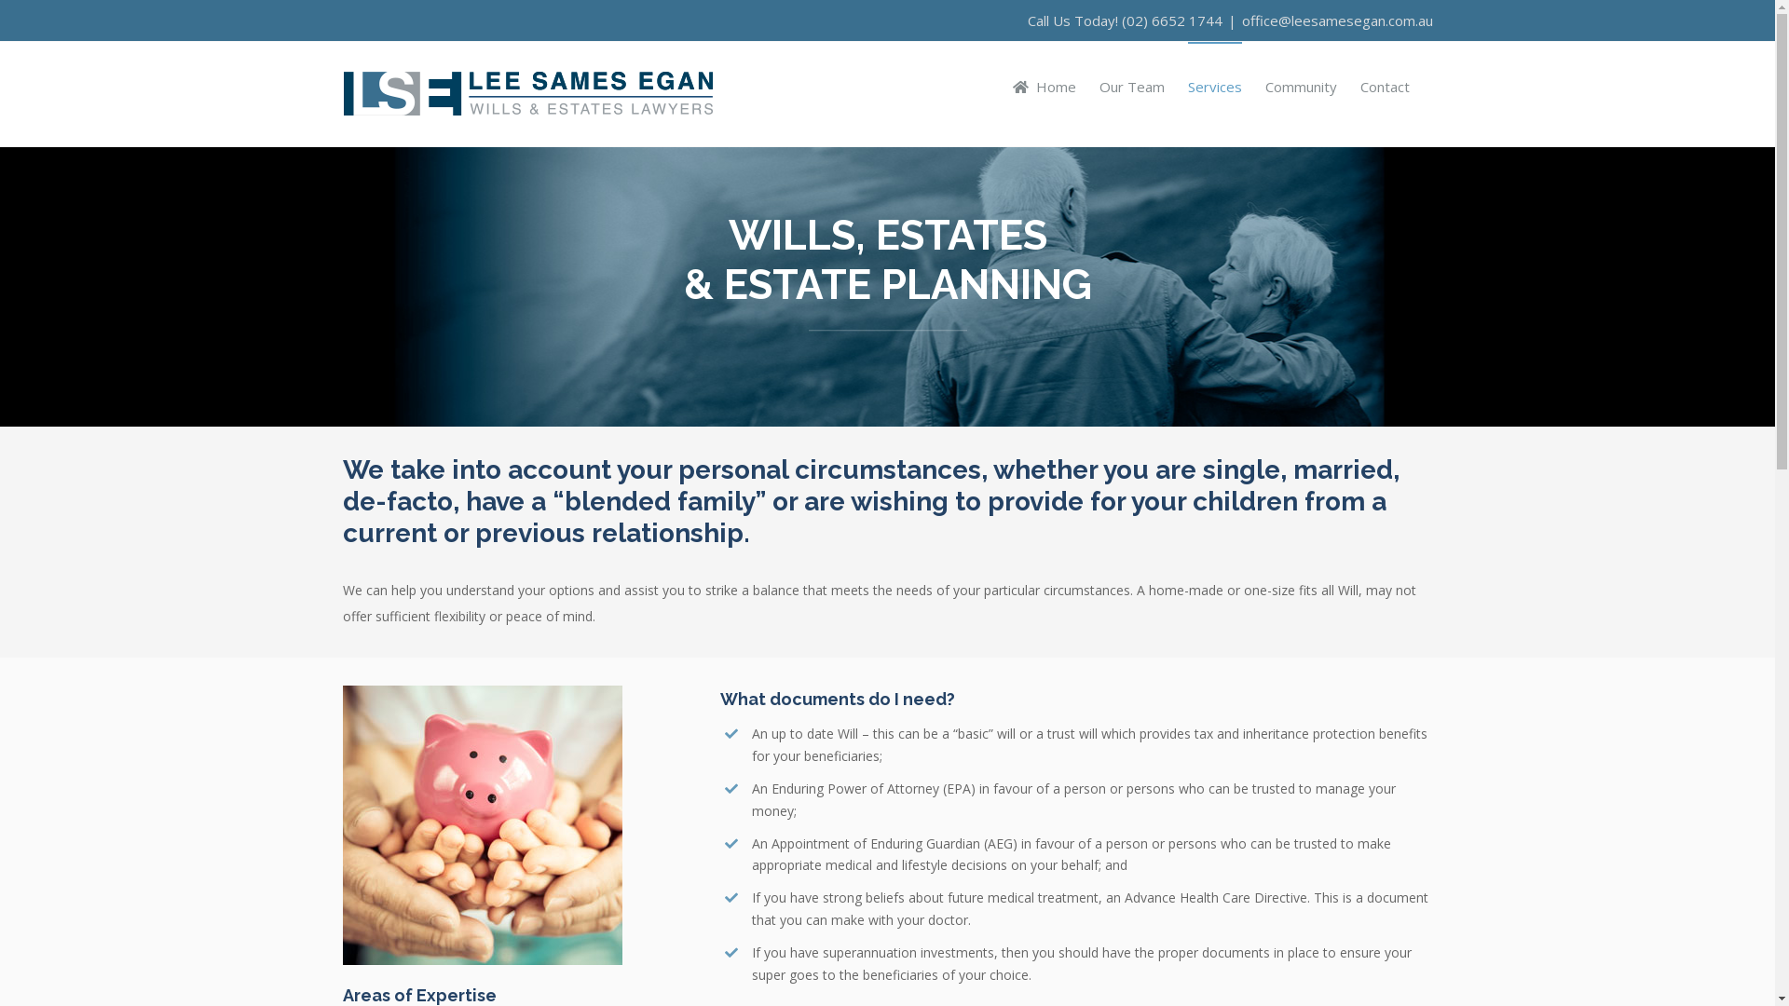 The width and height of the screenshot is (1789, 1006). What do you see at coordinates (1385, 86) in the screenshot?
I see `'Contact'` at bounding box center [1385, 86].